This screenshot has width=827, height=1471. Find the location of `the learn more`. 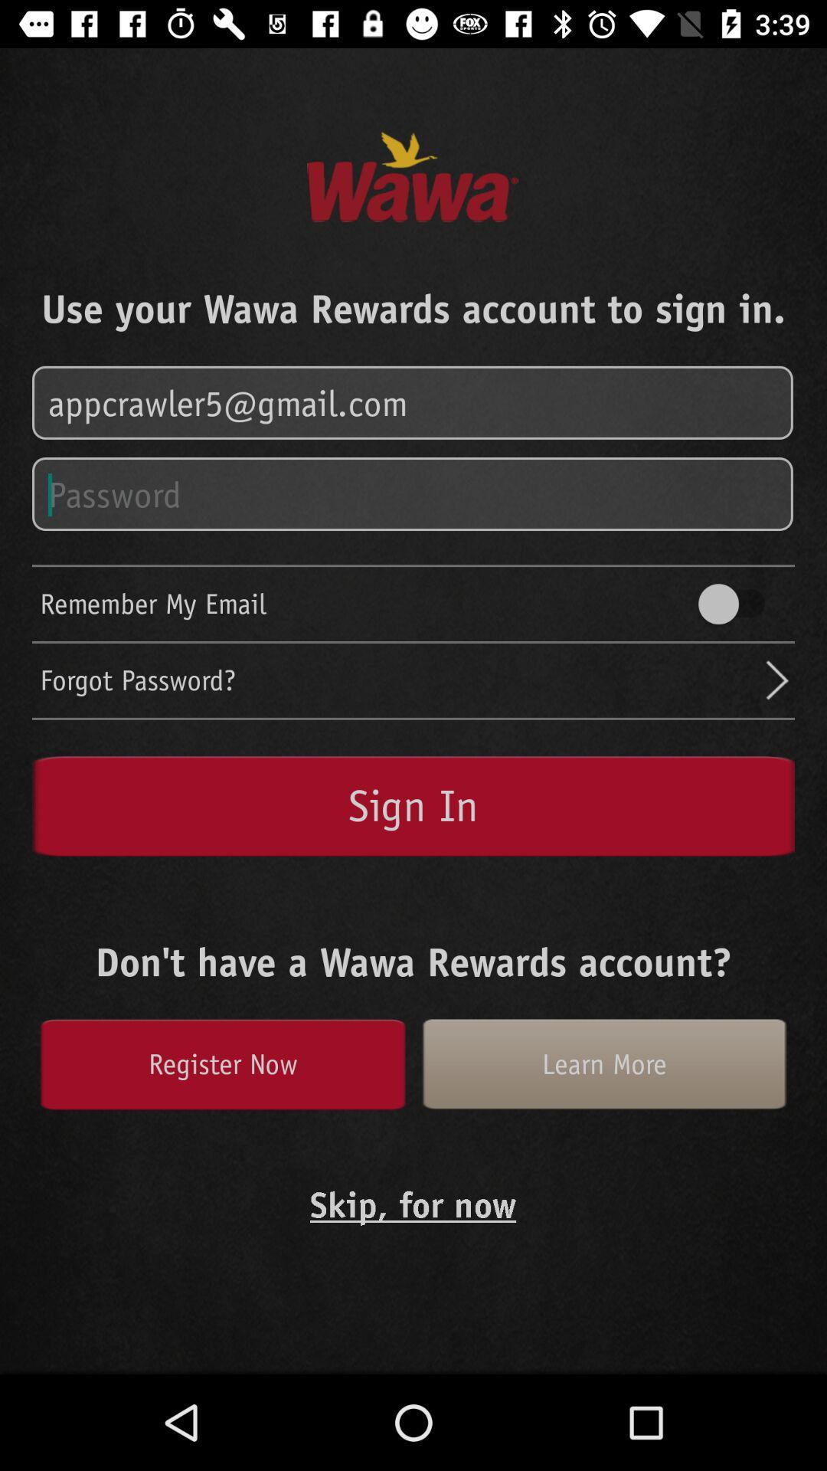

the learn more is located at coordinates (603, 1063).